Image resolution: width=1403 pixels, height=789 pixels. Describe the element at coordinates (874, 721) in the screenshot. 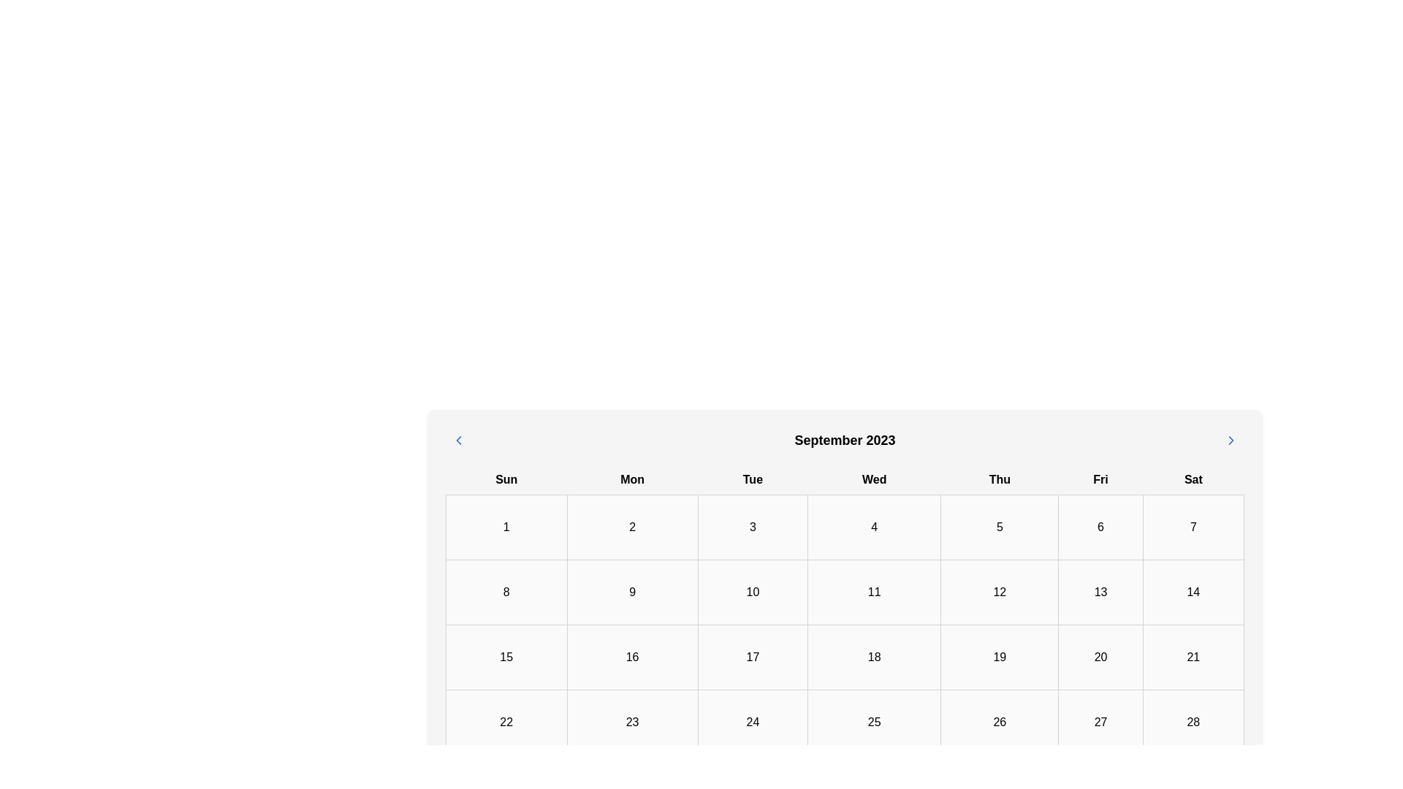

I see `the button labeled '25' which has a white background and is the fourth button in a horizontal list of week date buttons` at that location.